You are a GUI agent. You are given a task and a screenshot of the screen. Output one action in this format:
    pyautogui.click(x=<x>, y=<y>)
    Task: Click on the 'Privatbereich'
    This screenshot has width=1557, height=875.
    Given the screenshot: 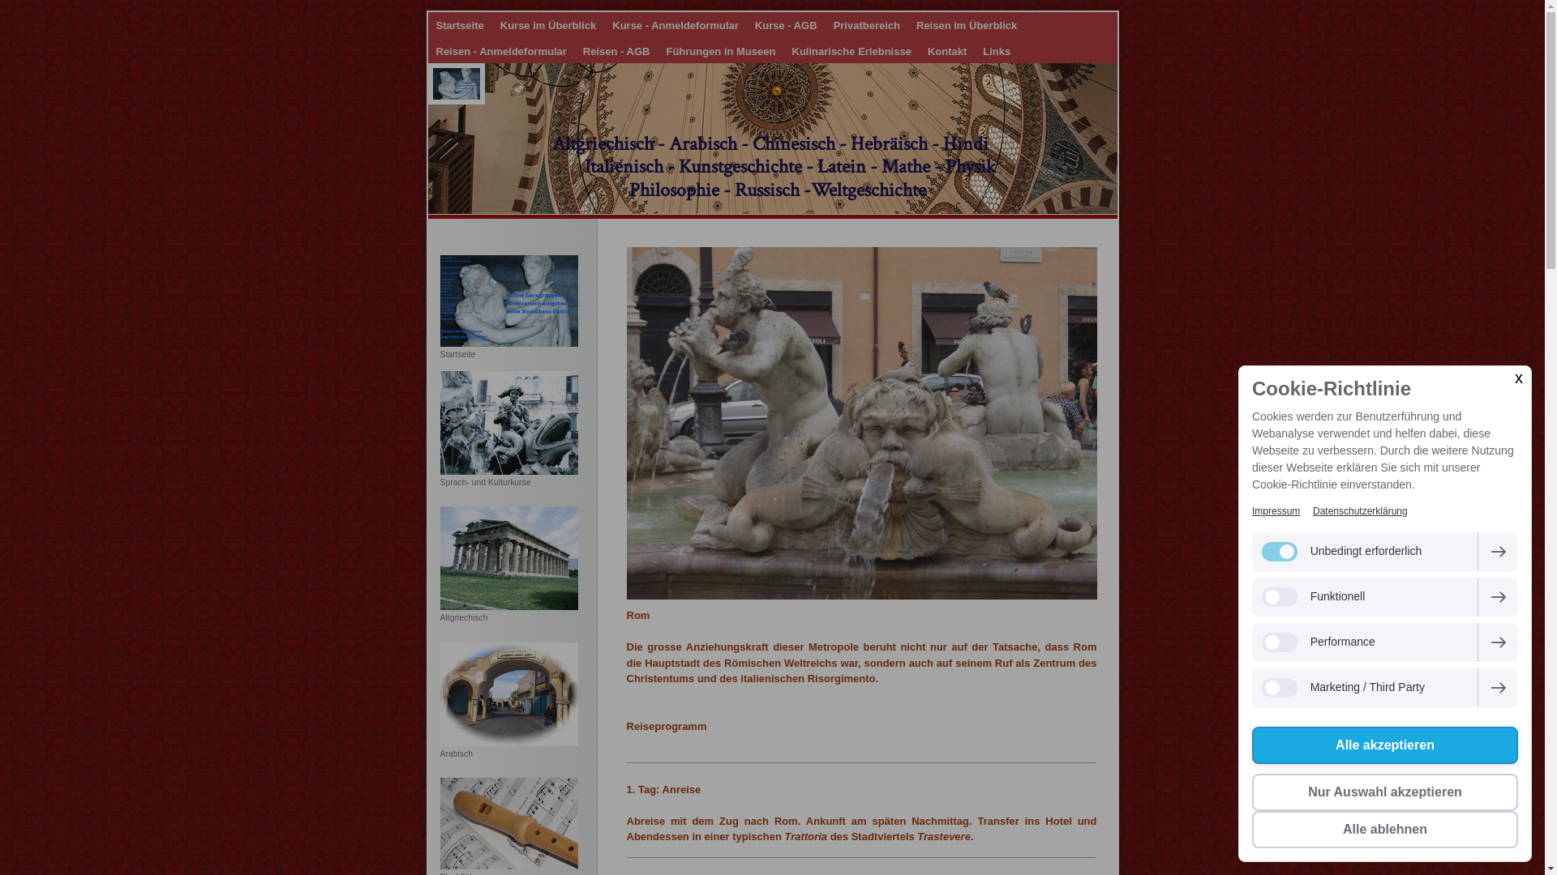 What is the action you would take?
    pyautogui.click(x=825, y=25)
    